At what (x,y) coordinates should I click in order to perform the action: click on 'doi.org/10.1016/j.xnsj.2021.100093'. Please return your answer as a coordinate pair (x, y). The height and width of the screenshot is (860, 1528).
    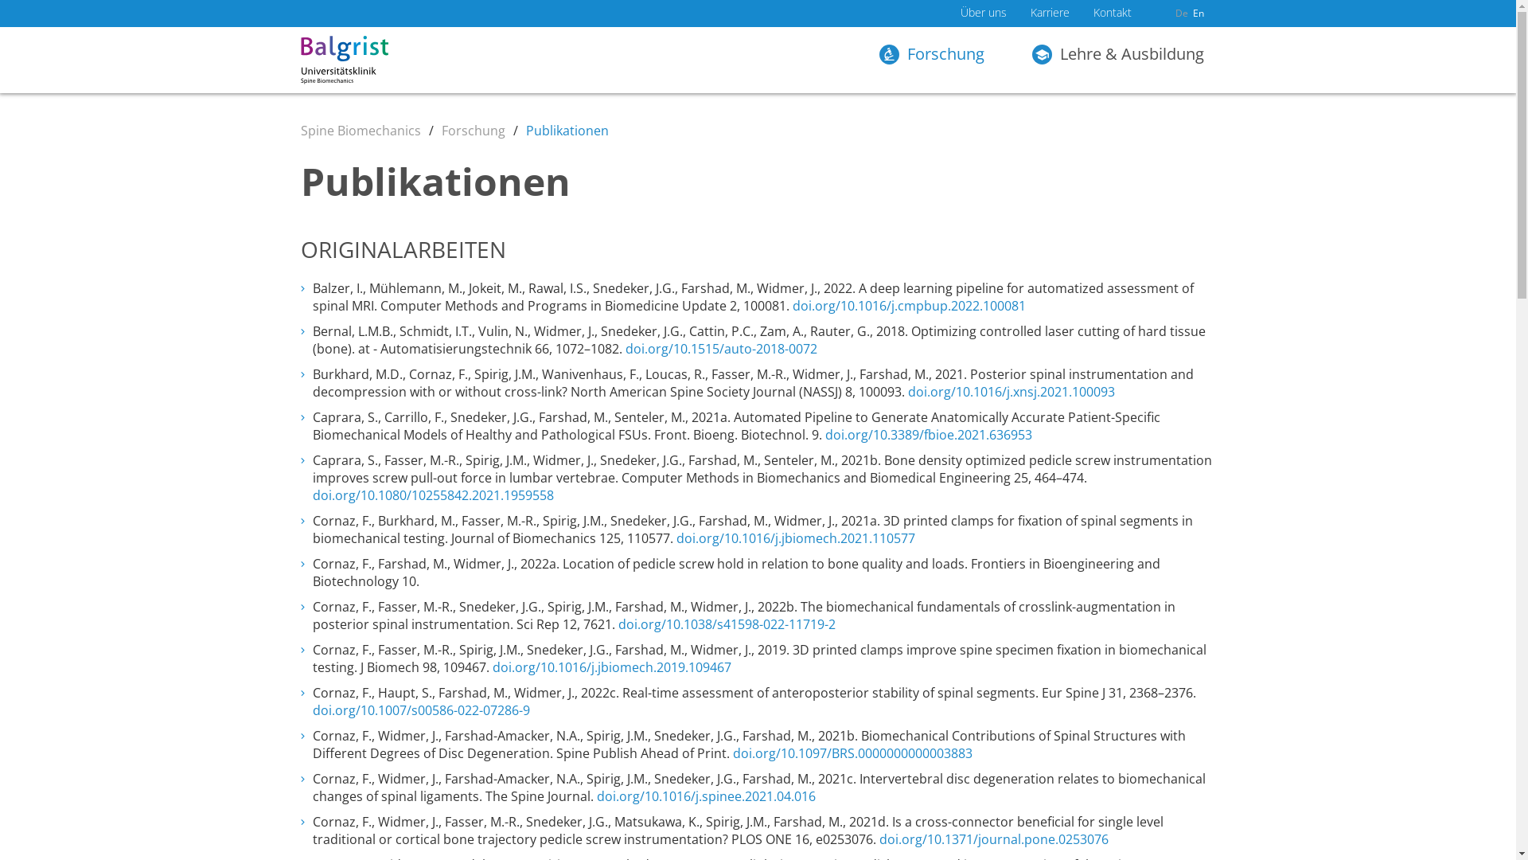
    Looking at the image, I should click on (907, 392).